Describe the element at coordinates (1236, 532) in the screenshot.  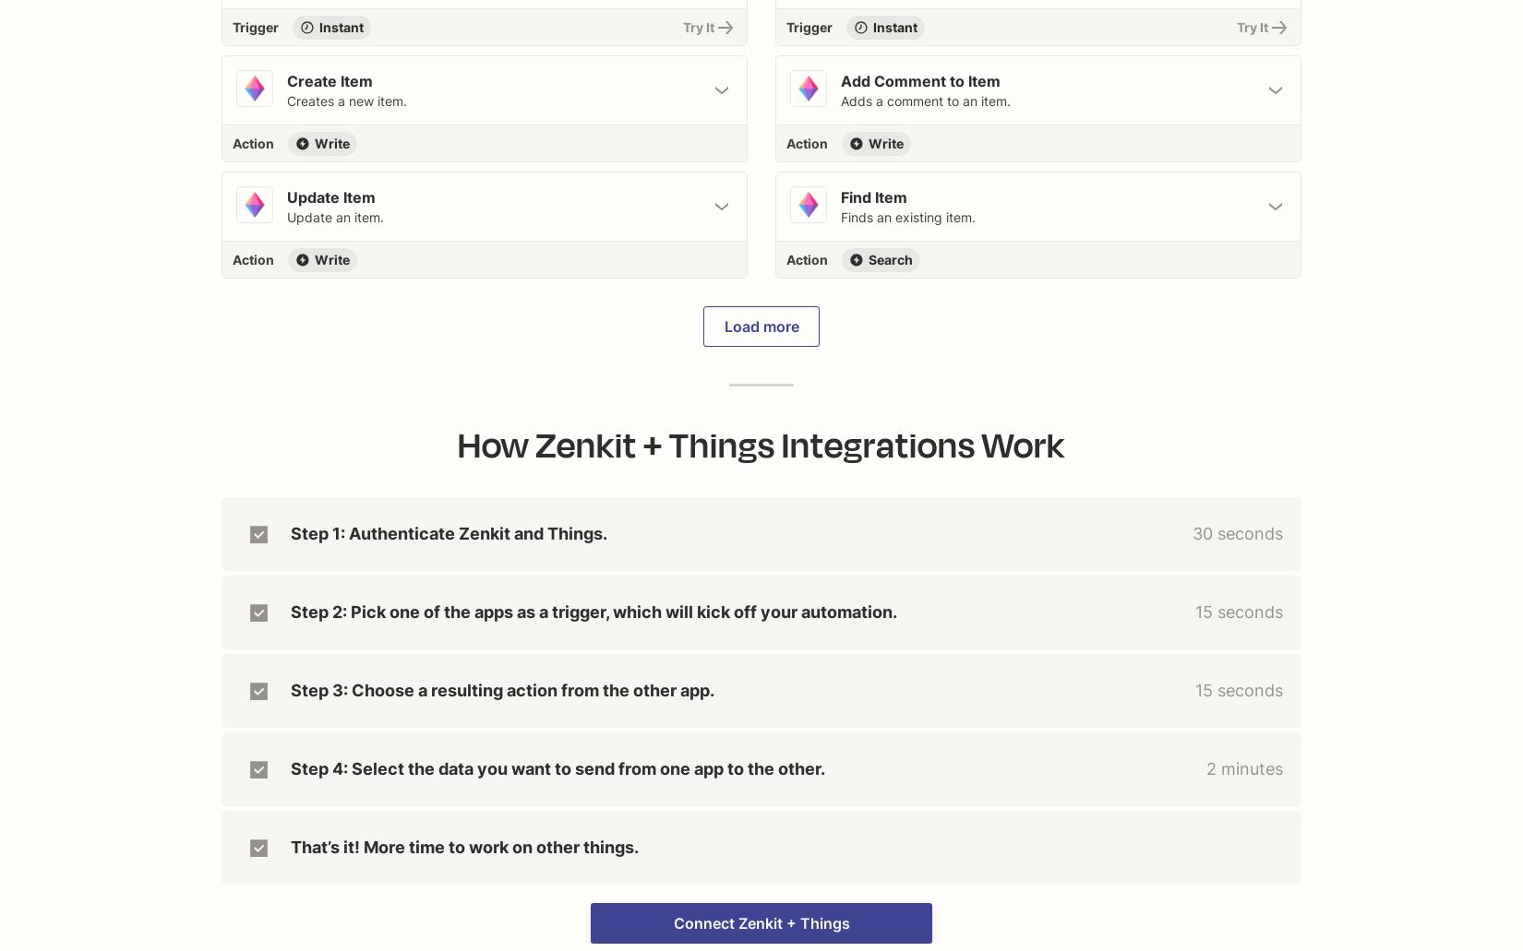
I see `'30 seconds'` at that location.